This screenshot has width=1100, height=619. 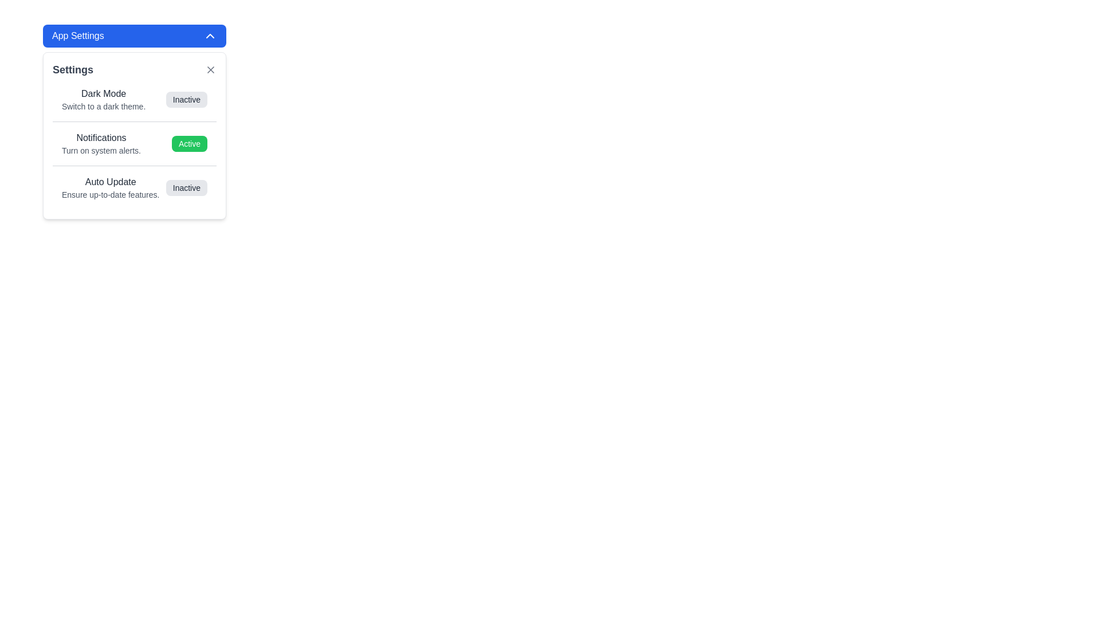 What do you see at coordinates (111, 187) in the screenshot?
I see `the text block titled 'Auto Update' which contains the subtitle 'Ensure up-to-date features' located in the middle-bottom part of the settings panel` at bounding box center [111, 187].